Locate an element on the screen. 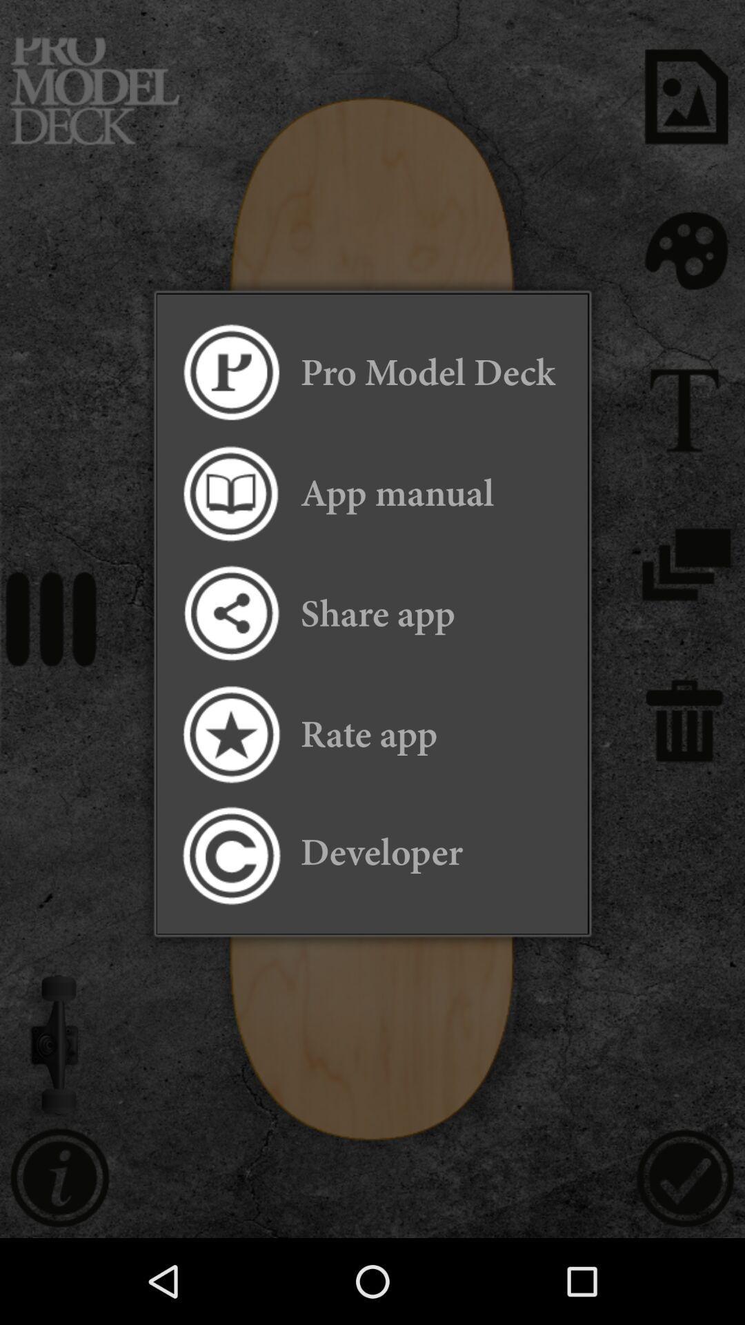 This screenshot has height=1325, width=745. the icon next to rate app app is located at coordinates (230, 734).